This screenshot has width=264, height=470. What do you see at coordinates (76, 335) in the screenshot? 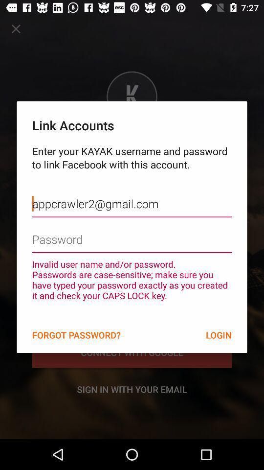
I see `the forgot password? at the bottom left corner` at bounding box center [76, 335].